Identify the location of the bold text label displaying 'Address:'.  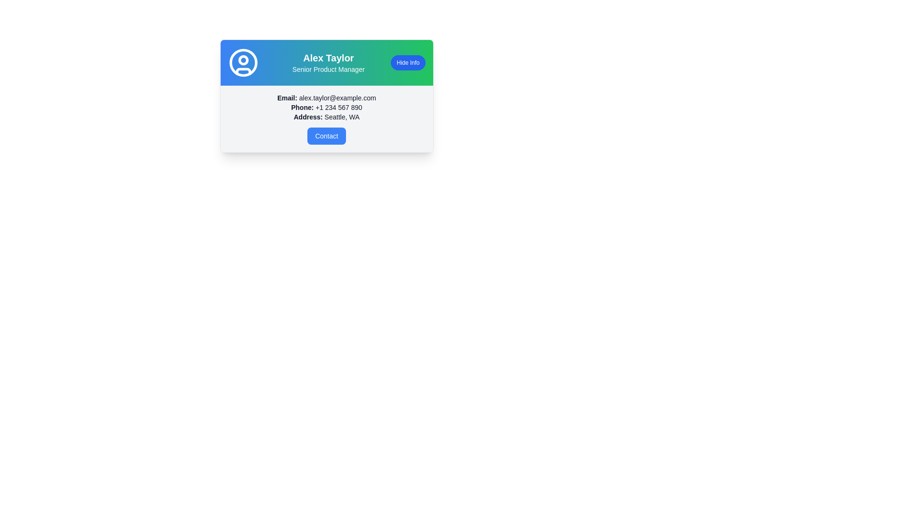
(308, 117).